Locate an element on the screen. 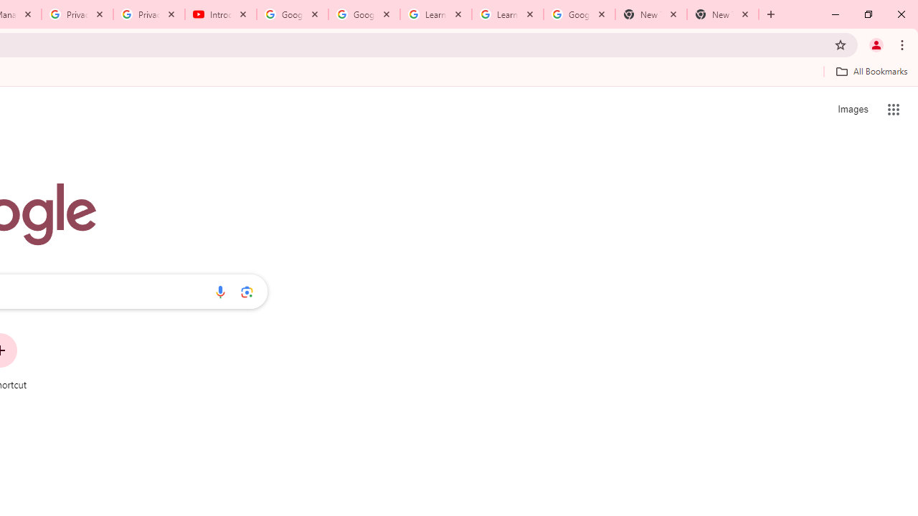 The image size is (918, 516). 'Search by image' is located at coordinates (247, 291).